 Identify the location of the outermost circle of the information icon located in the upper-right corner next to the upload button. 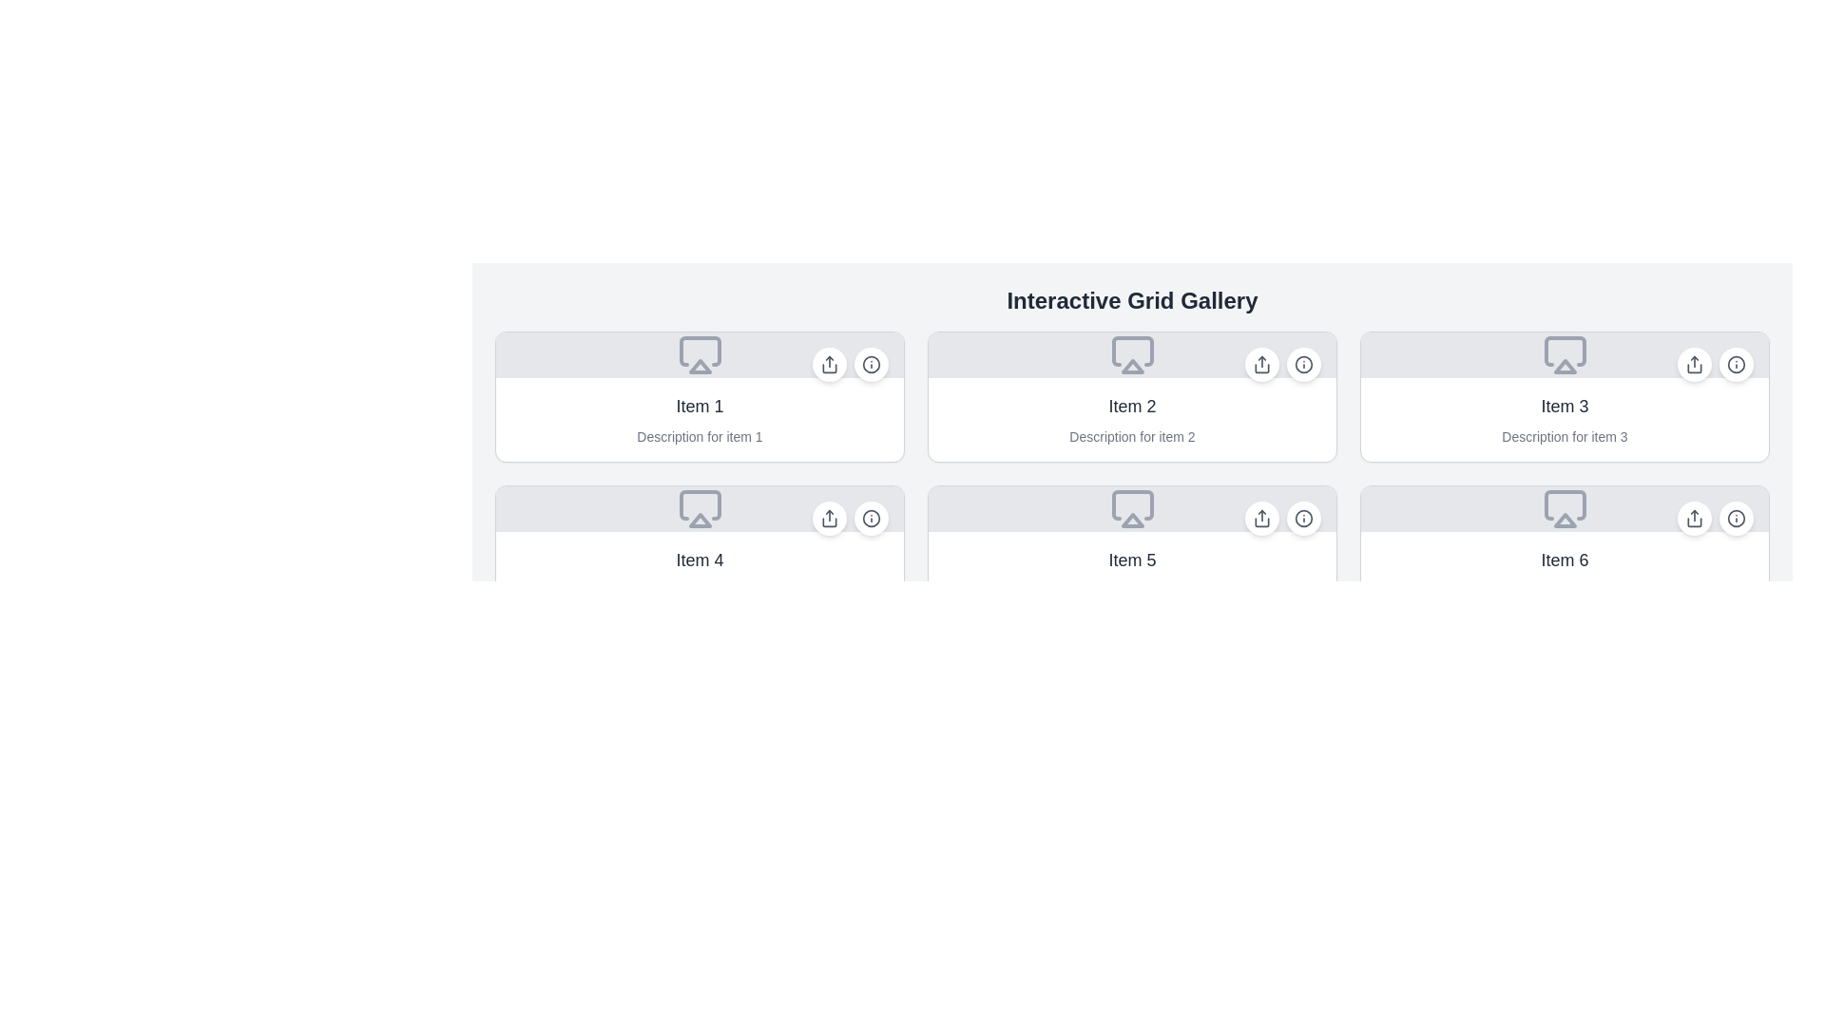
(1737, 365).